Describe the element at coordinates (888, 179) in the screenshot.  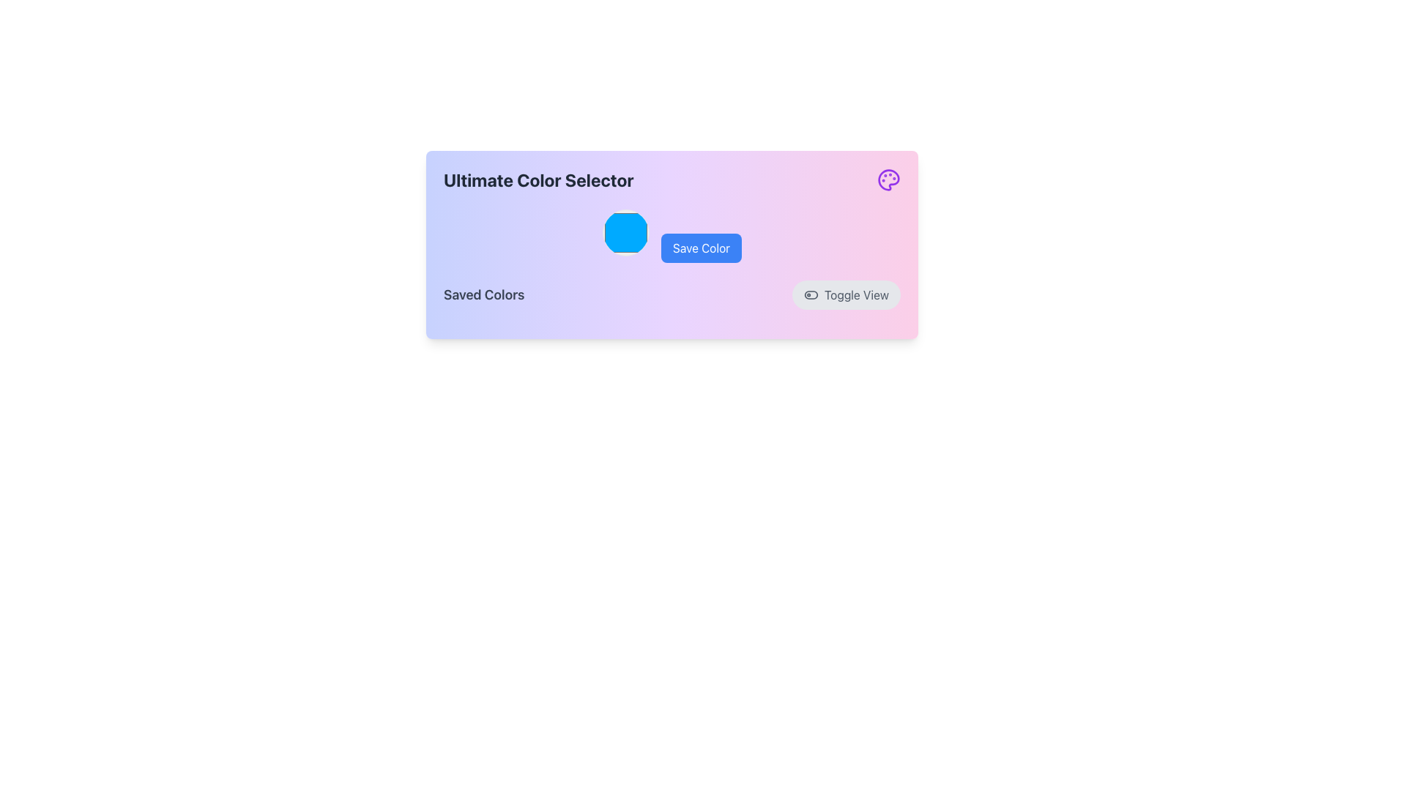
I see `the central circular portion of the palette icon located at the top-right corner of the interface's card` at that location.